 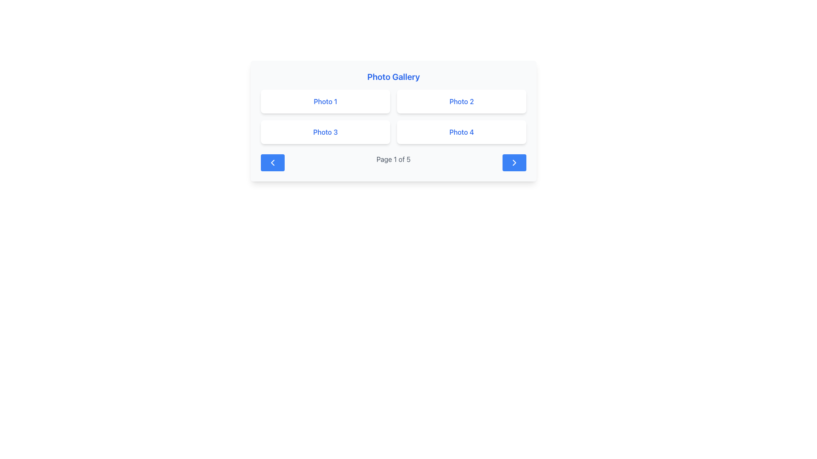 What do you see at coordinates (461, 101) in the screenshot?
I see `the text label indicating the second item in the photo gallery, located under the 'Photo Gallery' title` at bounding box center [461, 101].